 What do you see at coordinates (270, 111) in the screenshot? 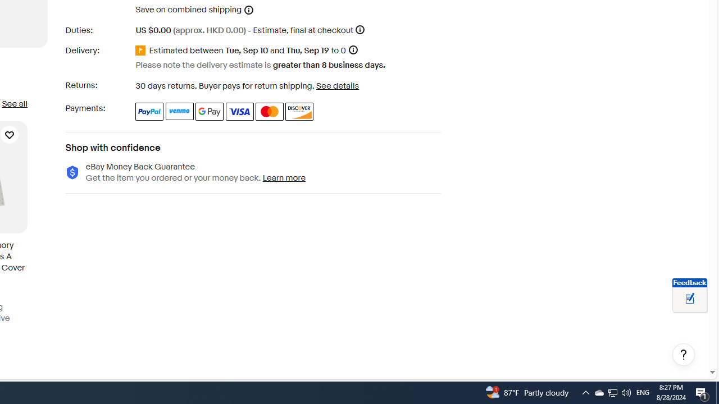
I see `'Master Card'` at bounding box center [270, 111].